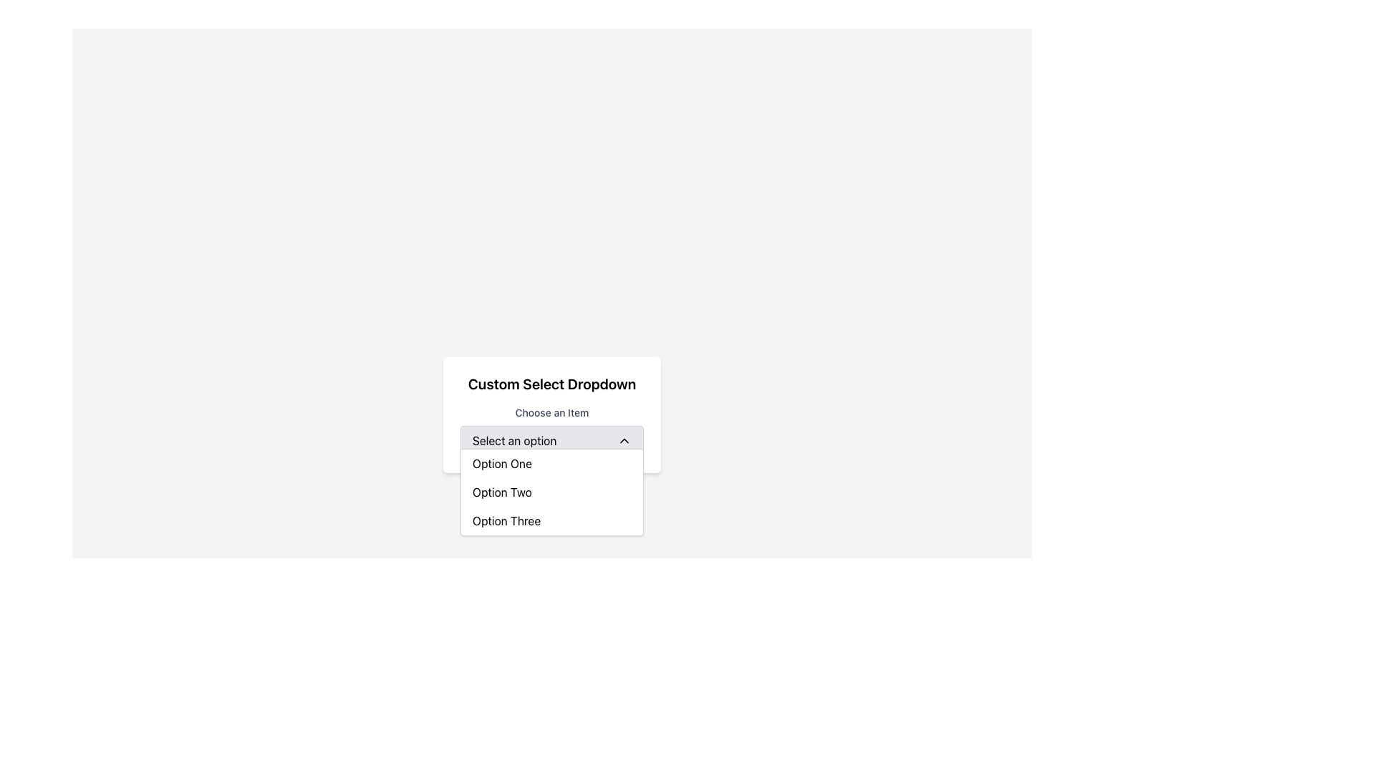  What do you see at coordinates (624, 440) in the screenshot?
I see `the upward-pointing chevron icon button located at the top-right corner of the 'Select an option' dropdown` at bounding box center [624, 440].